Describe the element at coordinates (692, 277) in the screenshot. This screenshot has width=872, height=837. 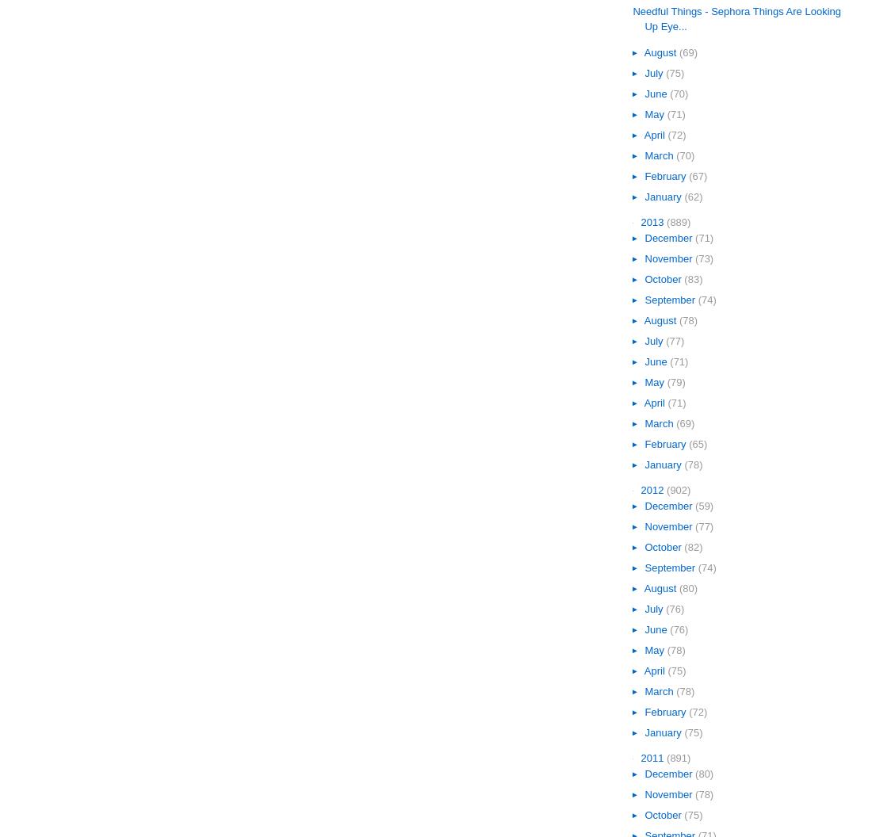
I see `'(83)'` at that location.